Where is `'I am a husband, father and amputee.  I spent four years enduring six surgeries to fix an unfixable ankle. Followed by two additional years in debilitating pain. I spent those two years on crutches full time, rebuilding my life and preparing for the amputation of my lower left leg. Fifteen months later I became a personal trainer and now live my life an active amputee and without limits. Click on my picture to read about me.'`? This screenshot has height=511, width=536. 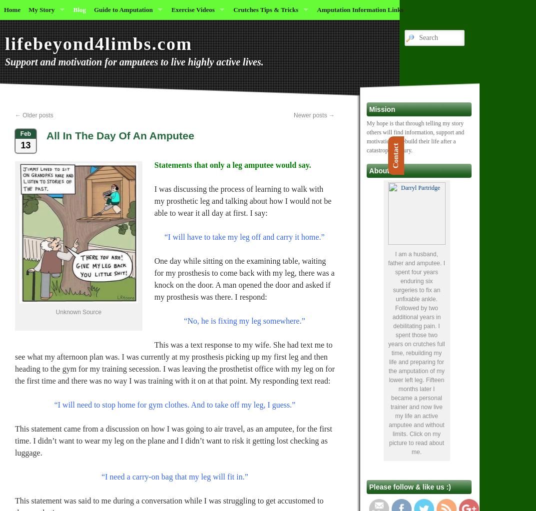 'I am a husband, father and amputee.  I spent four years enduring six surgeries to fix an unfixable ankle. Followed by two additional years in debilitating pain. I spent those two years on crutches full time, rebuilding my life and preparing for the amputation of my lower left leg. Fifteen months later I became a personal trainer and now live my life an active amputee and without limits. Click on my picture to read about me.' is located at coordinates (416, 352).